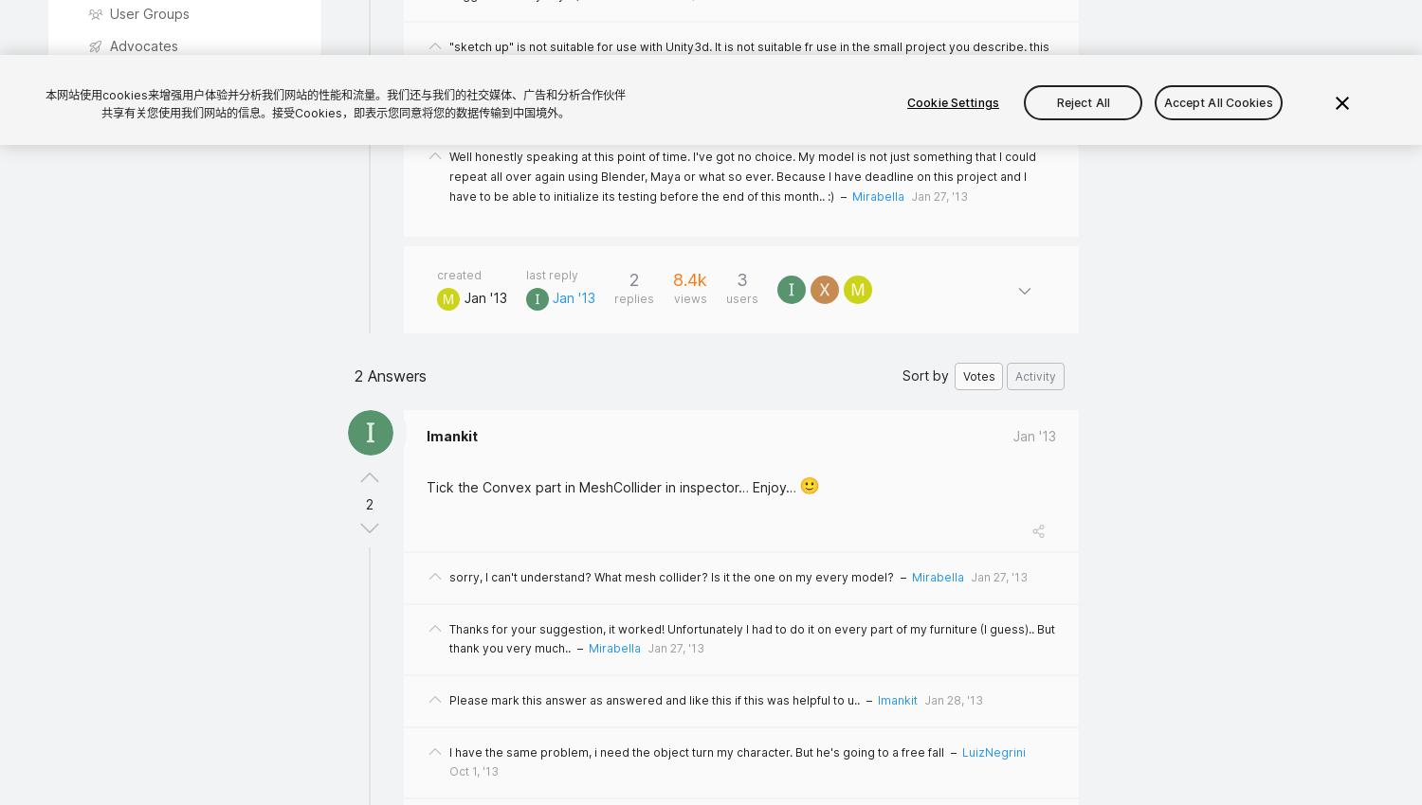 The height and width of the screenshot is (805, 1422). Describe the element at coordinates (688, 278) in the screenshot. I see `'8.4k'` at that location.